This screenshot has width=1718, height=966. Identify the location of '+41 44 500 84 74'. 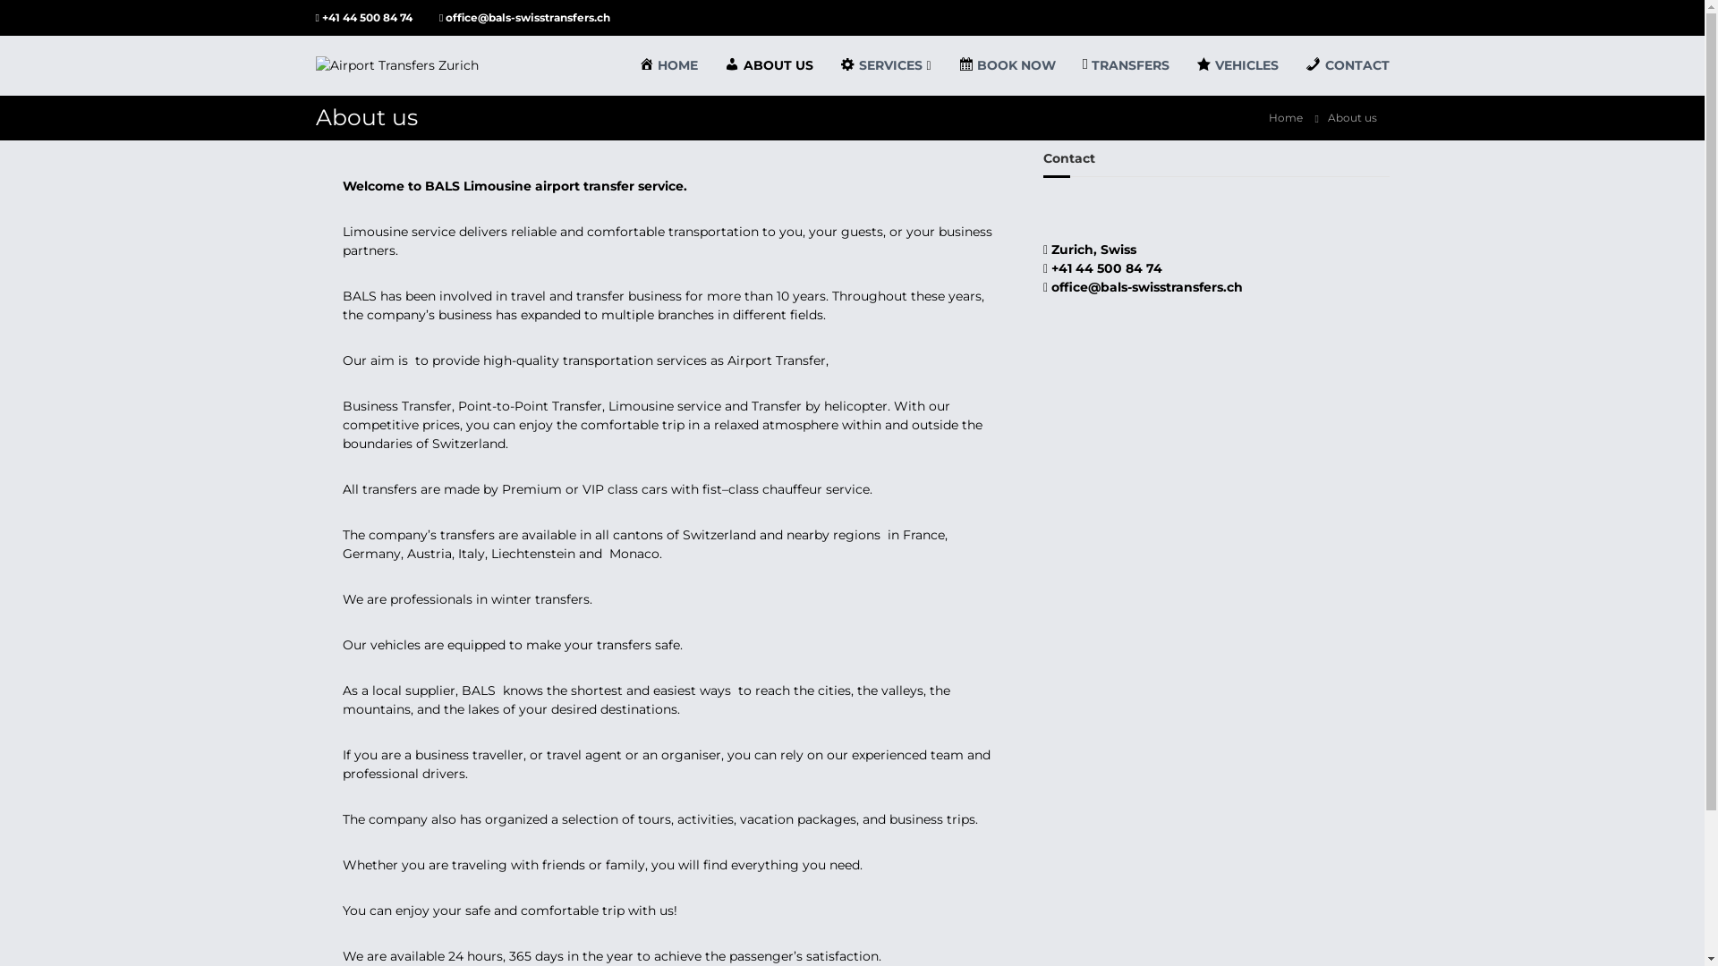
(1103, 267).